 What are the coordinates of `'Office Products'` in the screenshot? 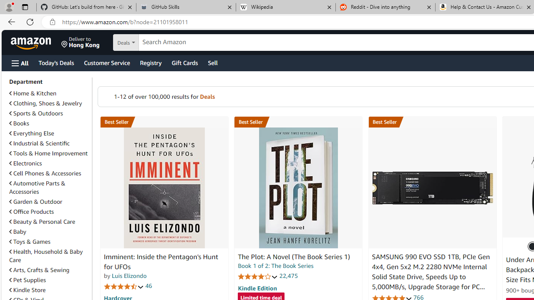 It's located at (32, 211).